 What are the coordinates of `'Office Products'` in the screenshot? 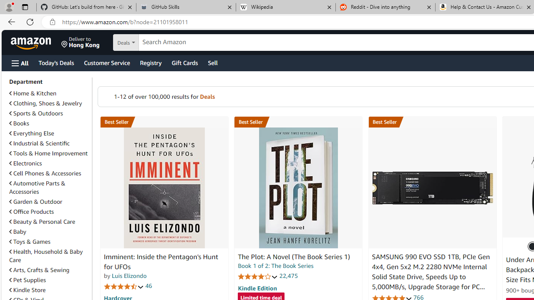 It's located at (32, 211).